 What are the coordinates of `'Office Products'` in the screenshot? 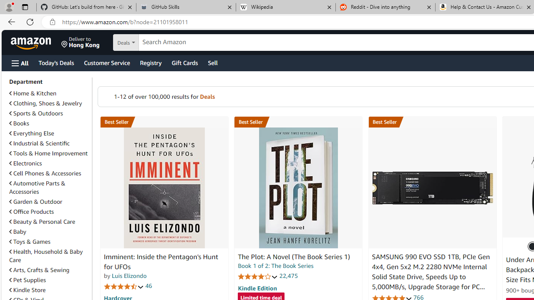 It's located at (32, 211).